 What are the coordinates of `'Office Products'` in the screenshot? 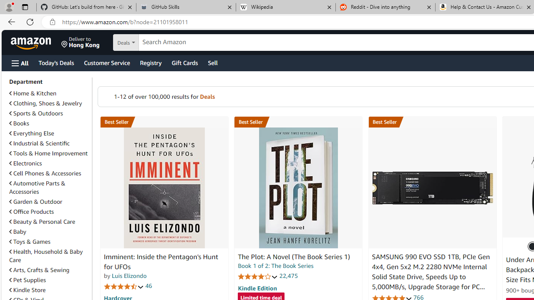 It's located at (32, 211).